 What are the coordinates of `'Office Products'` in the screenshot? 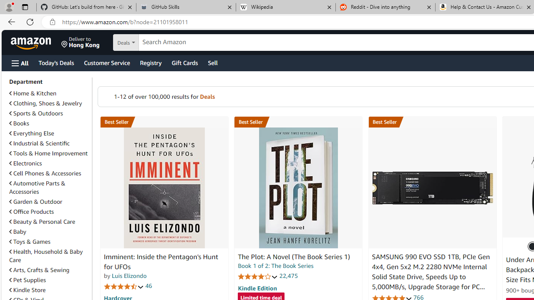 It's located at (32, 211).